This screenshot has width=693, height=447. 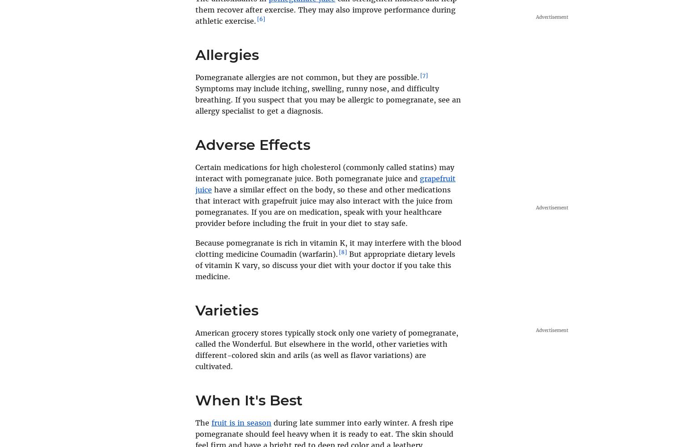 I want to click on 'But appropriate dietary levels of vitamin K vary, so discuss your diet with your doctor if you take this medicine.', so click(x=325, y=265).